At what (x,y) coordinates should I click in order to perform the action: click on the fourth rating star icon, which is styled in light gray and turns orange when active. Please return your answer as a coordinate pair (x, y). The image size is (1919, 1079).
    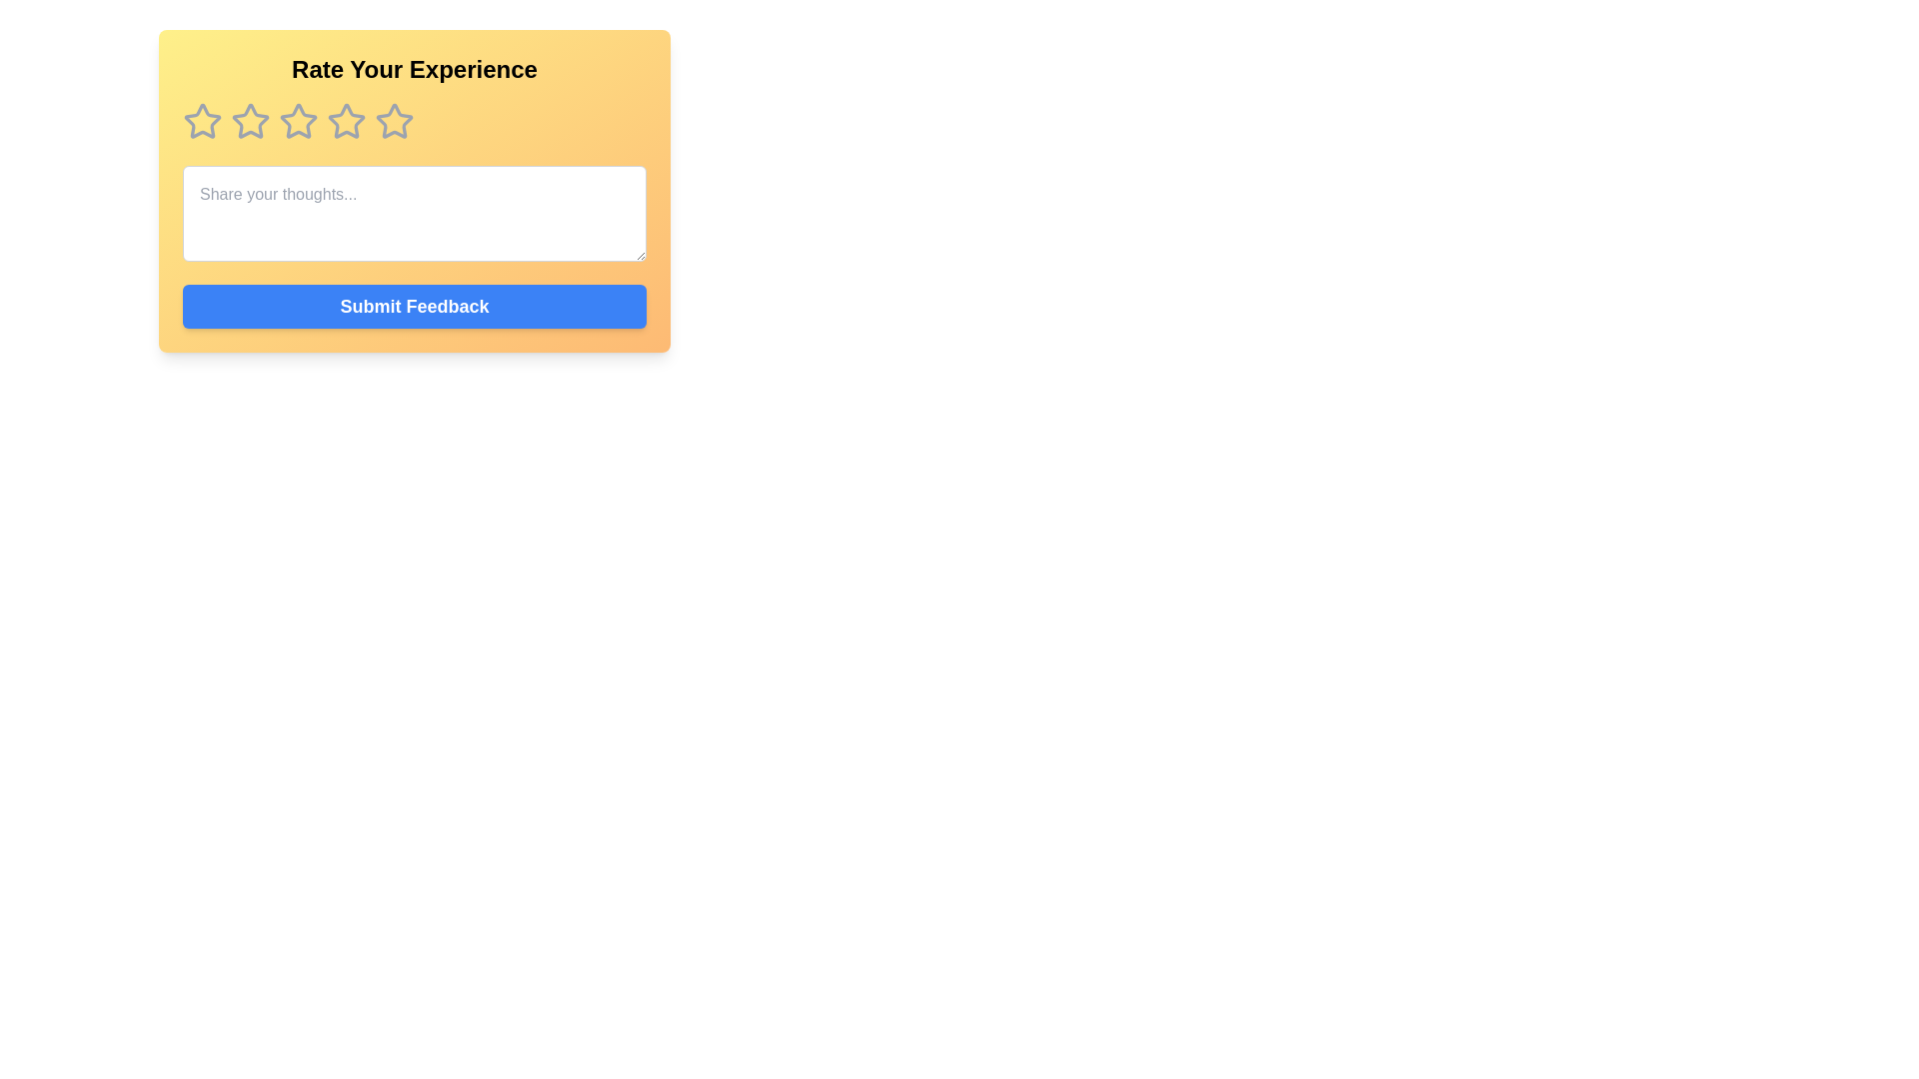
    Looking at the image, I should click on (394, 121).